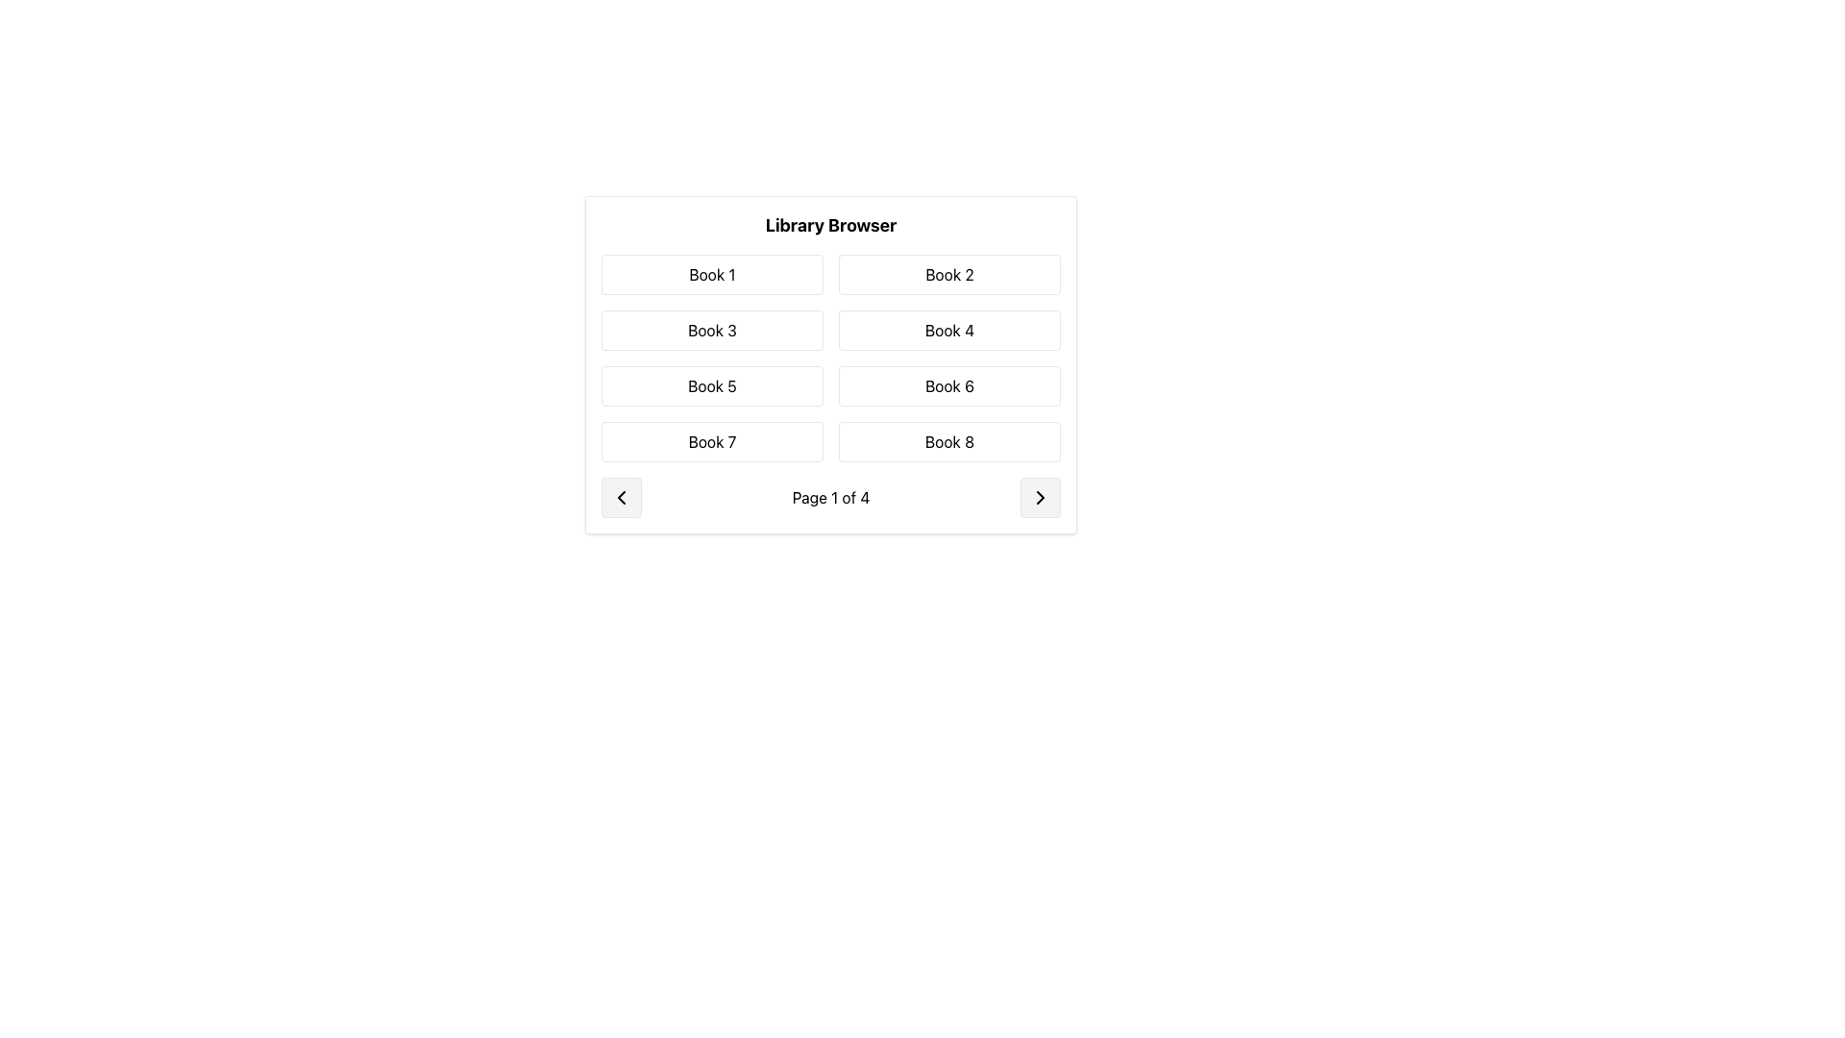  I want to click on the grid of book items displayed in the Library Browser, so click(830, 358).